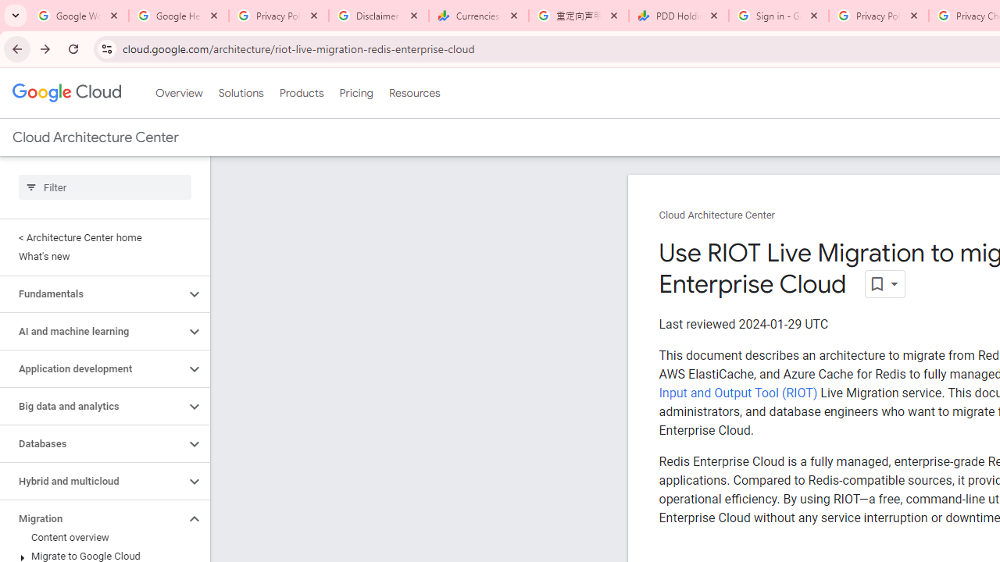 This screenshot has height=562, width=1000. Describe the element at coordinates (91, 518) in the screenshot. I see `'Migration'` at that location.